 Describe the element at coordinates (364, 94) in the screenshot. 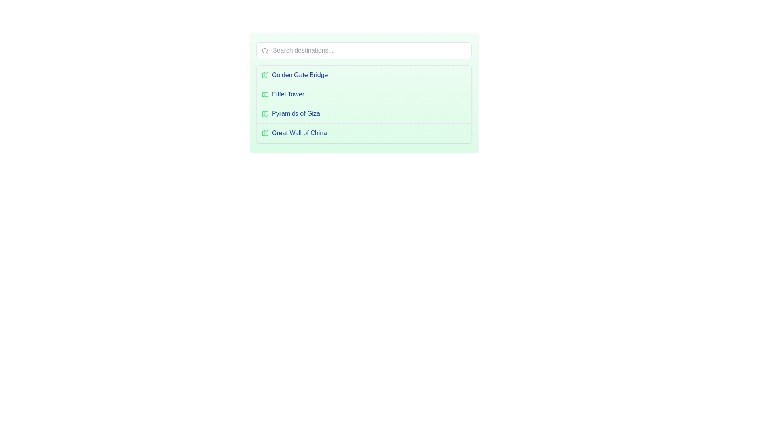

I see `the list item titled 'Eiffel Tower'` at that location.